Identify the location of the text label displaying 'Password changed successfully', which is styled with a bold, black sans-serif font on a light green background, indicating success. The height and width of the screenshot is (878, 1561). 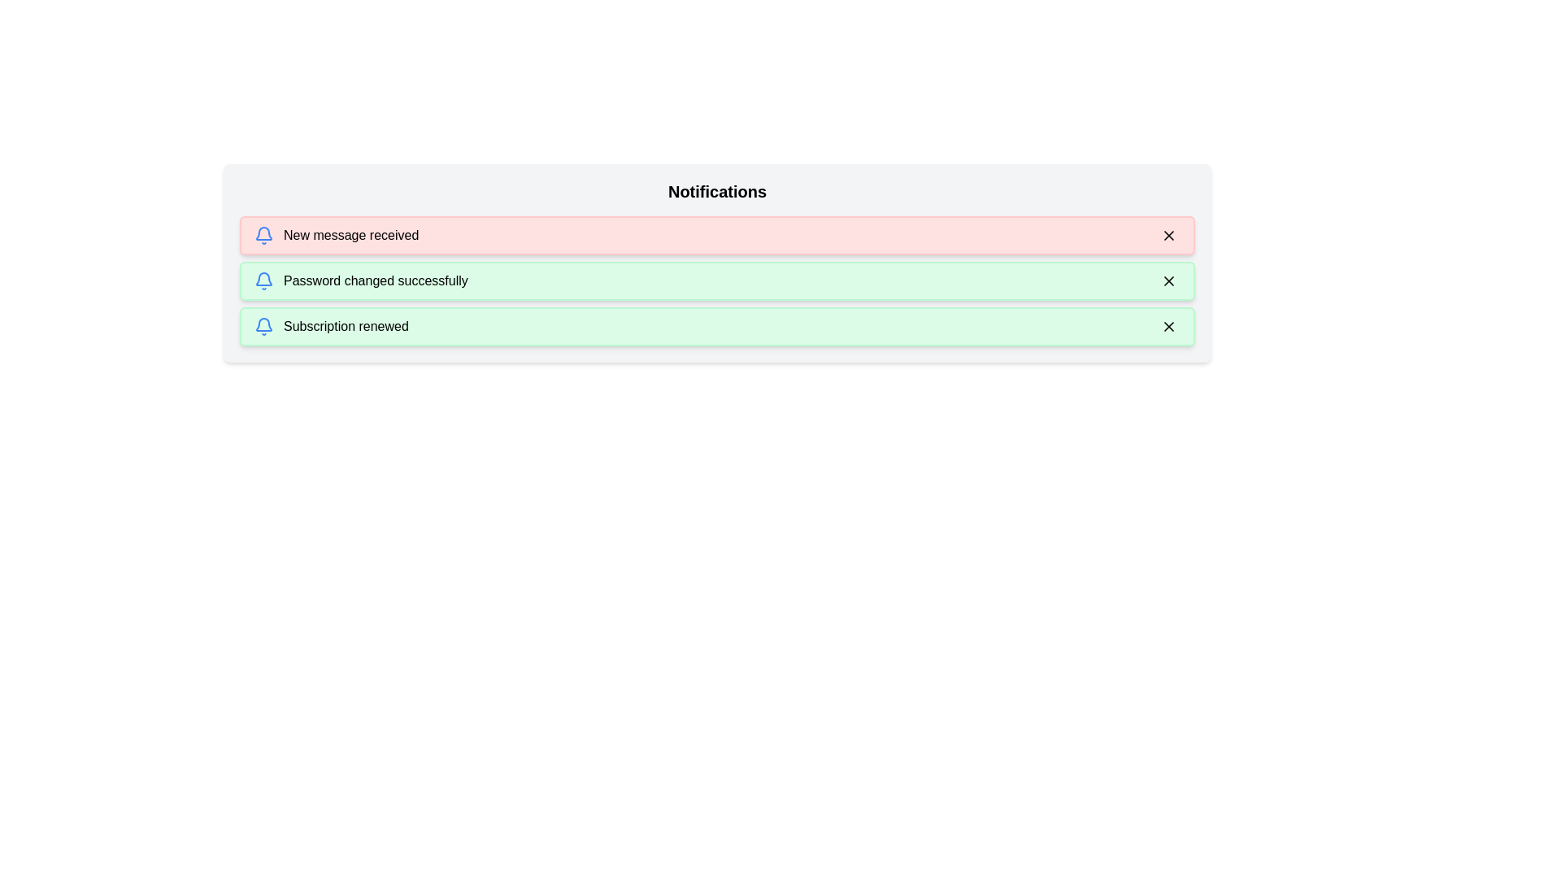
(375, 280).